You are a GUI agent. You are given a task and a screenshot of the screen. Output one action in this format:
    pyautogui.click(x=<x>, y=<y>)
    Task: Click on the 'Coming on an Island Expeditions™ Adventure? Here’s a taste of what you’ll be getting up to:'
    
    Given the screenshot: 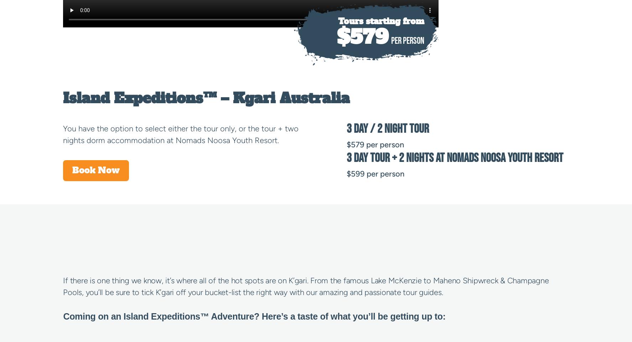 What is the action you would take?
    pyautogui.click(x=63, y=316)
    